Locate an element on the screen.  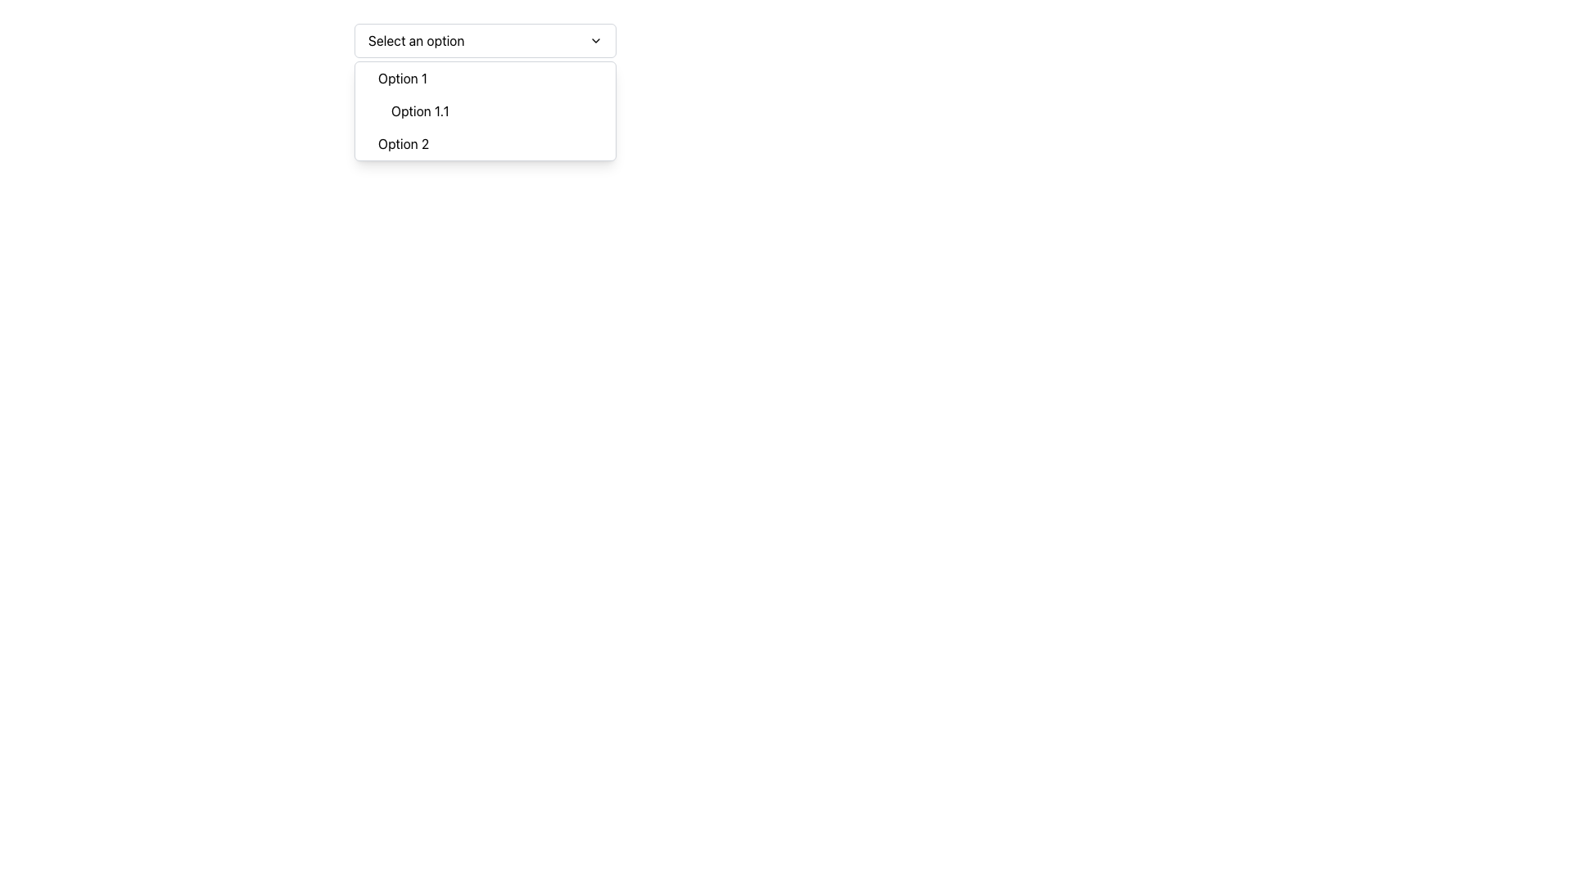
the first selectable option button within the dropdown menu labeled 'Select an option' is located at coordinates (490, 79).